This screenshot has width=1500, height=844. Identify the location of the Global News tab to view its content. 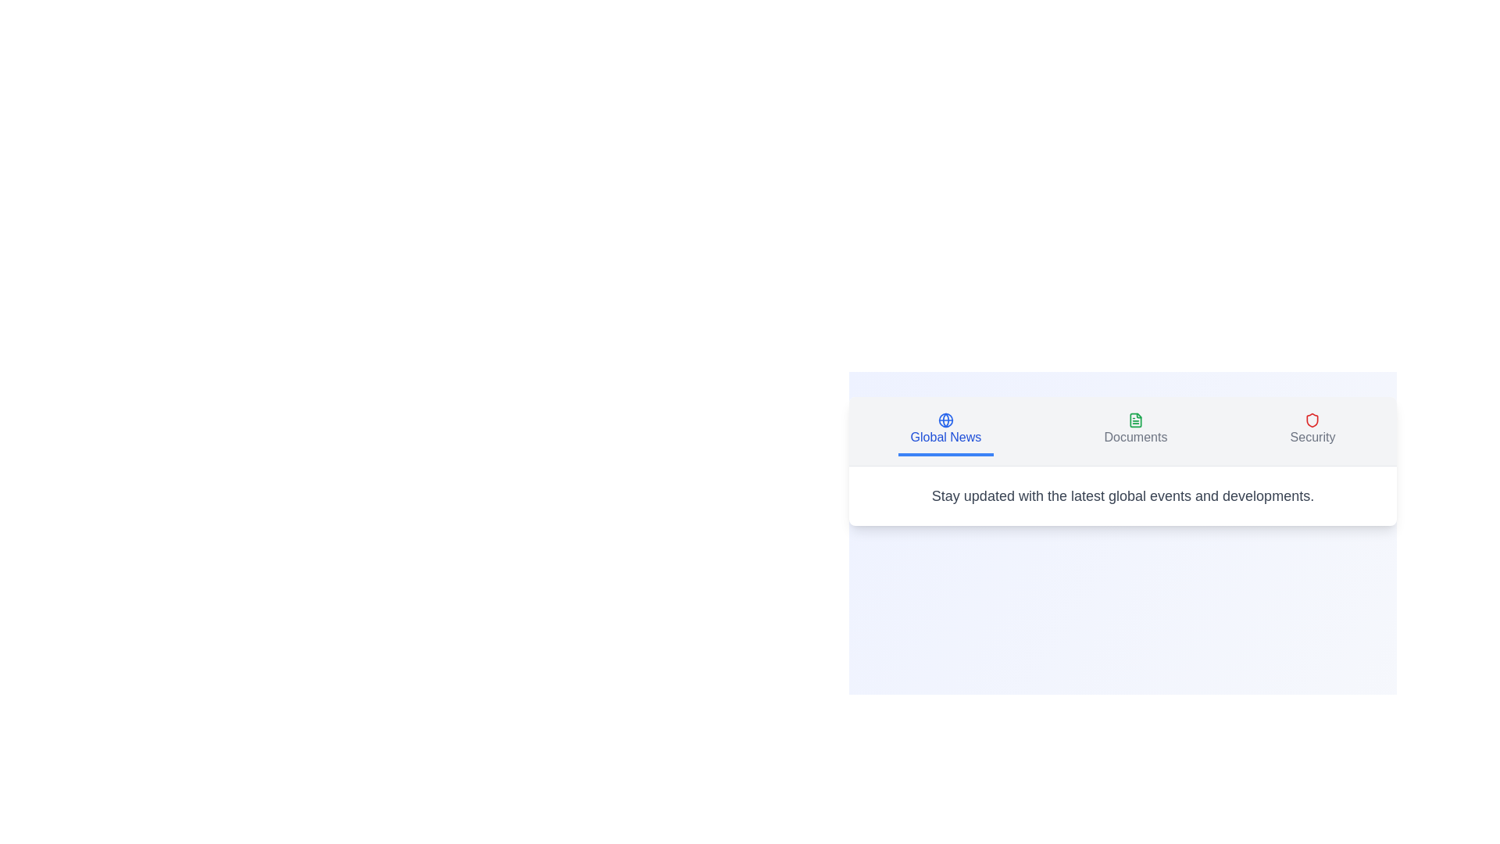
(944, 431).